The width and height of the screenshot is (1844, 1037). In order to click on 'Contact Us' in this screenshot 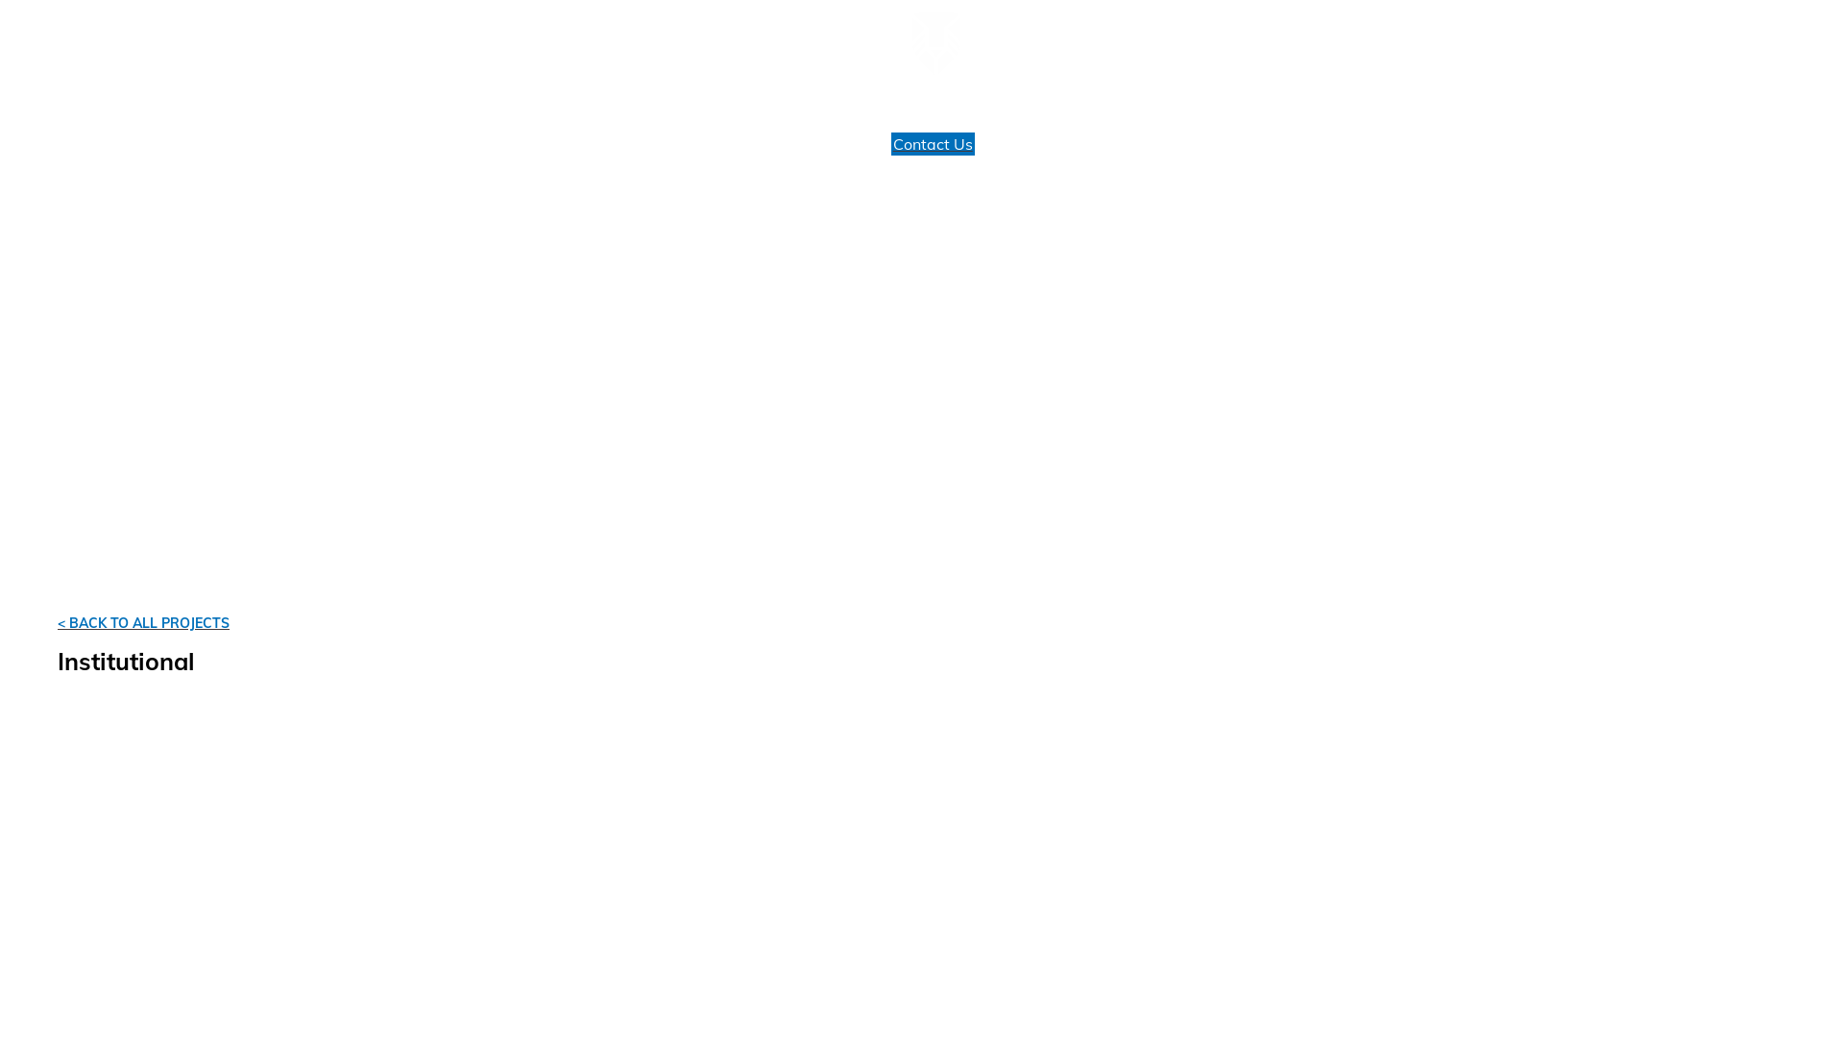, I will do `click(933, 143)`.